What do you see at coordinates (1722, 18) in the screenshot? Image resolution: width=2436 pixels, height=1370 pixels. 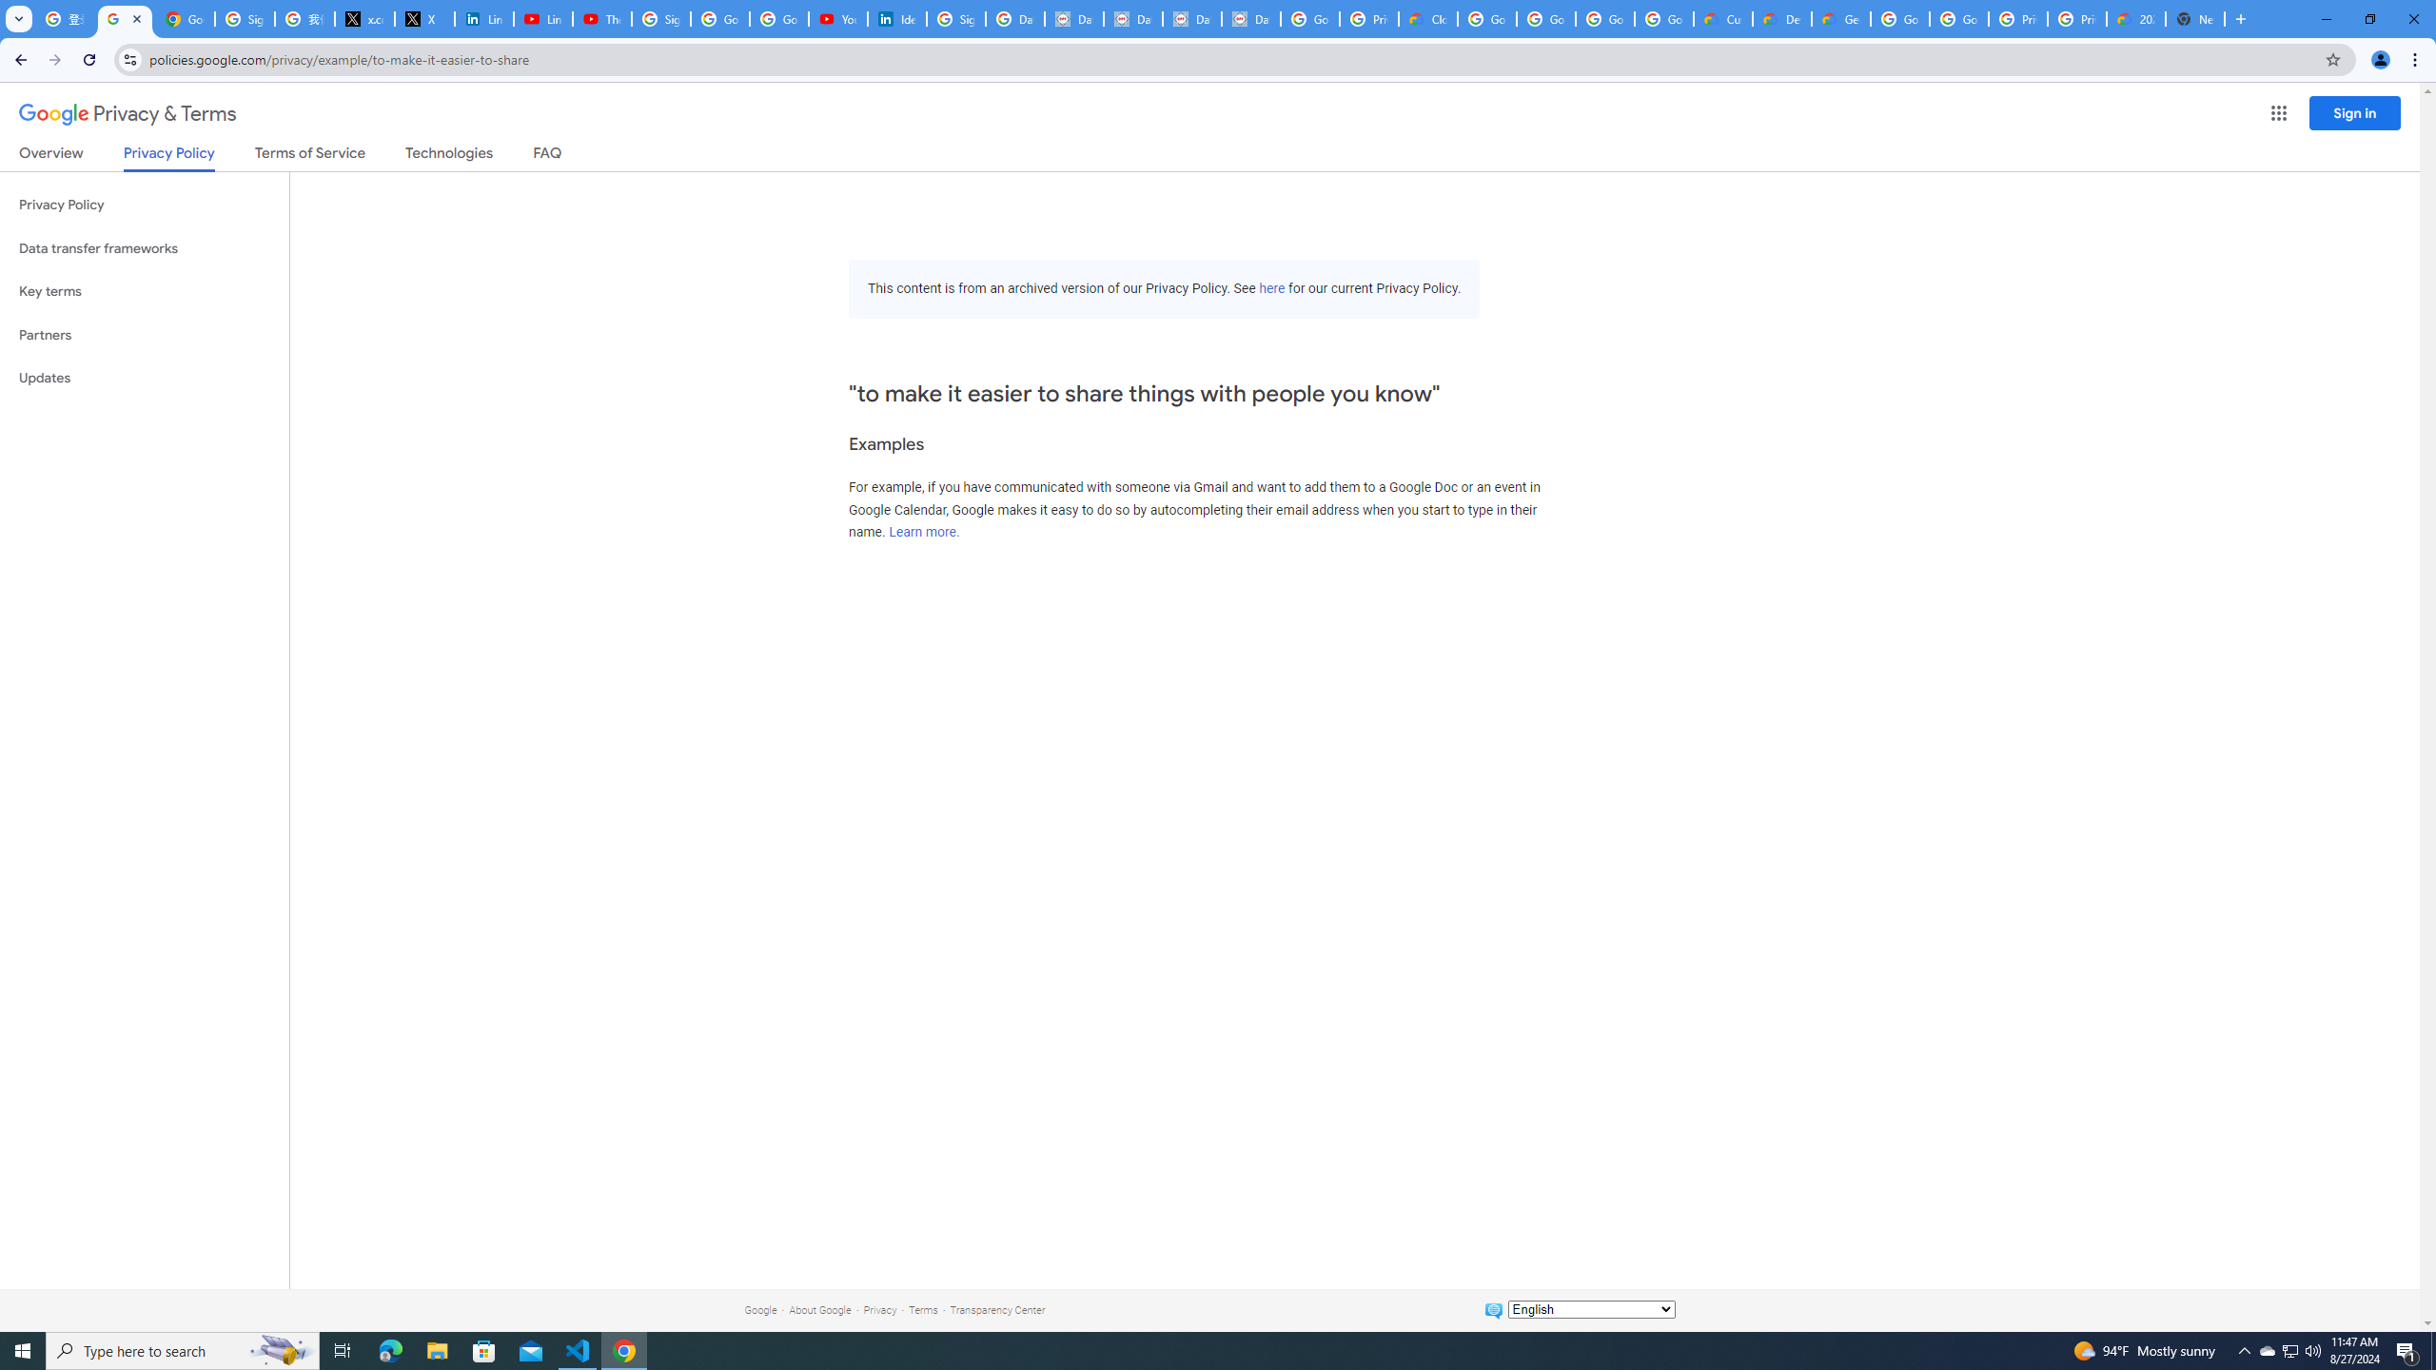 I see `'Customer Care | Google Cloud'` at bounding box center [1722, 18].